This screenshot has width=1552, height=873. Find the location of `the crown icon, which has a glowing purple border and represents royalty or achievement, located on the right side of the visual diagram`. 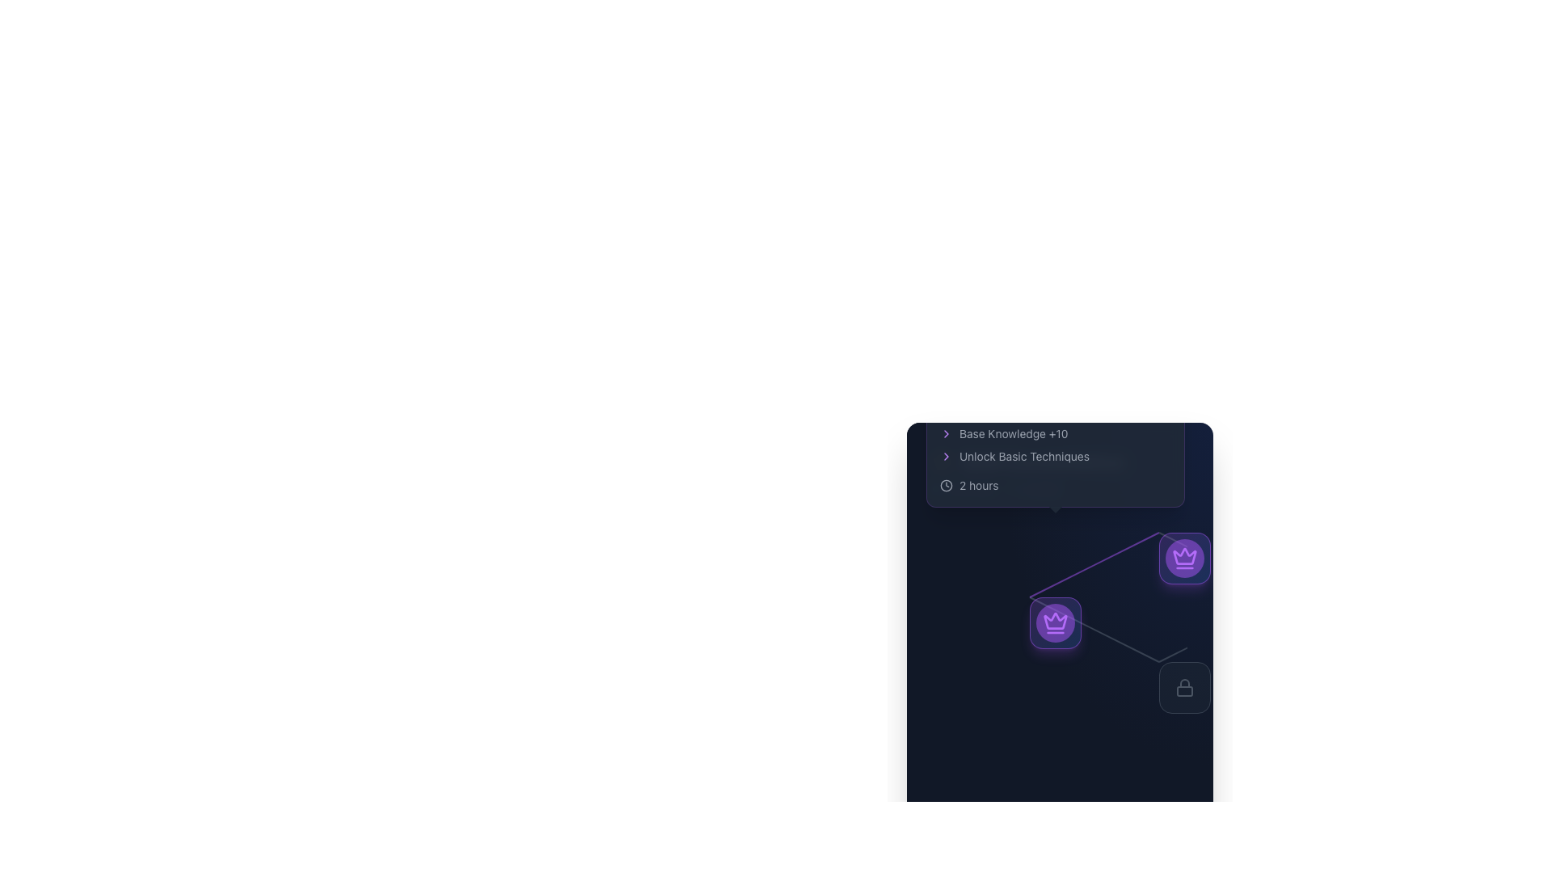

the crown icon, which has a glowing purple border and represents royalty or achievement, located on the right side of the visual diagram is located at coordinates (1184, 555).